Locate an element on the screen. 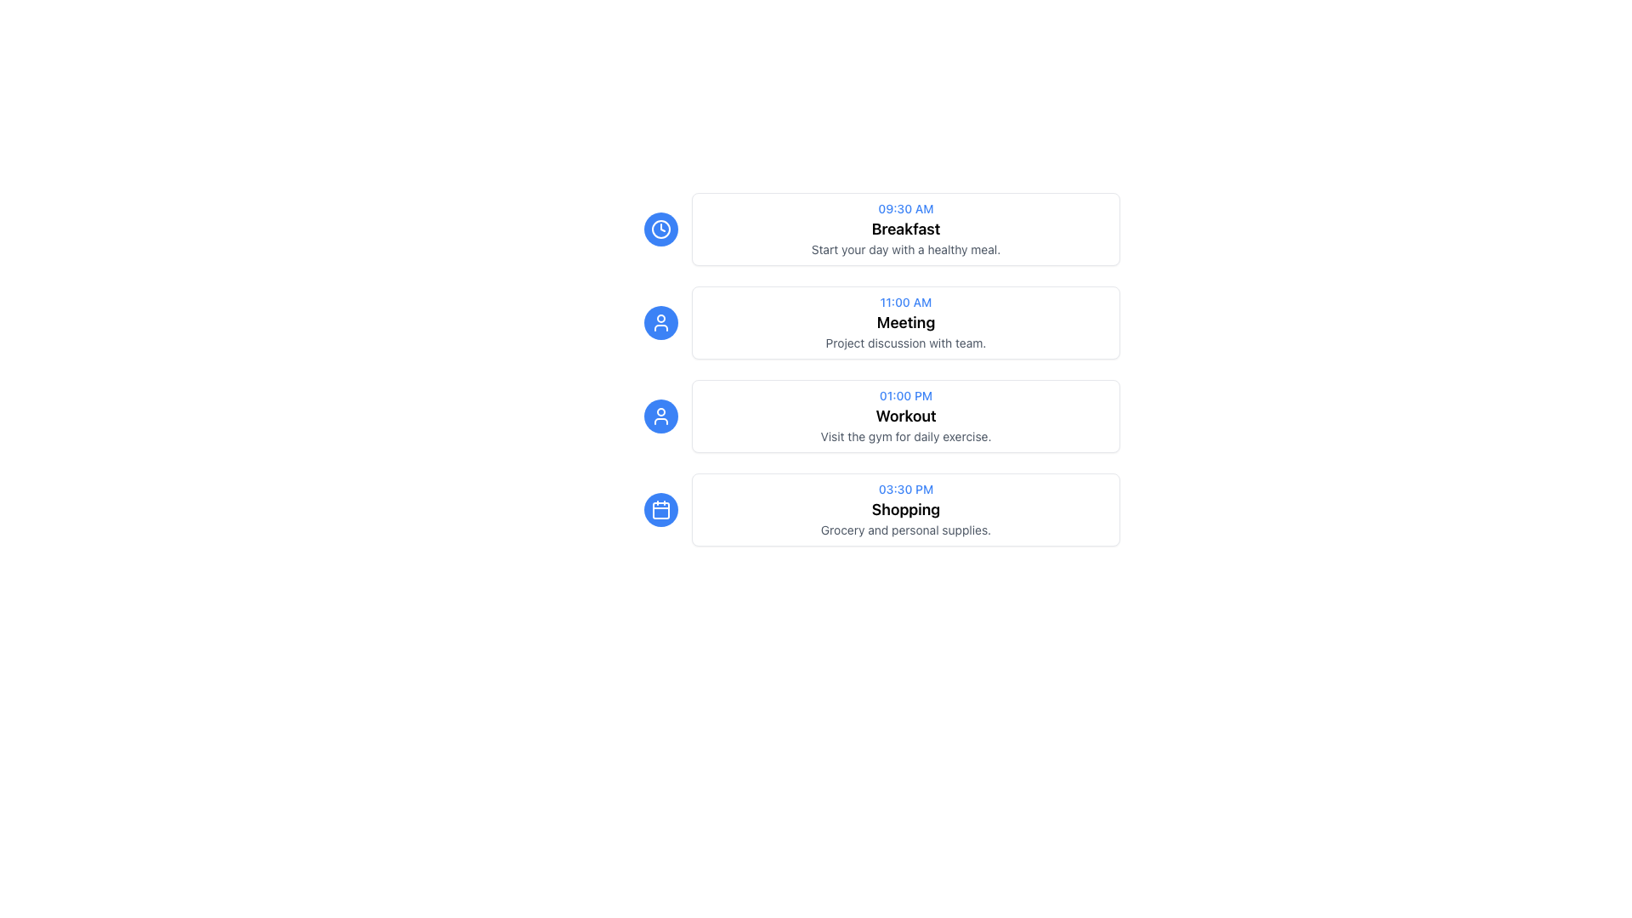  the fourth scheduled event entry that displays the time '03:30 PM', title 'Shopping', and details about groceries is located at coordinates (875, 509).